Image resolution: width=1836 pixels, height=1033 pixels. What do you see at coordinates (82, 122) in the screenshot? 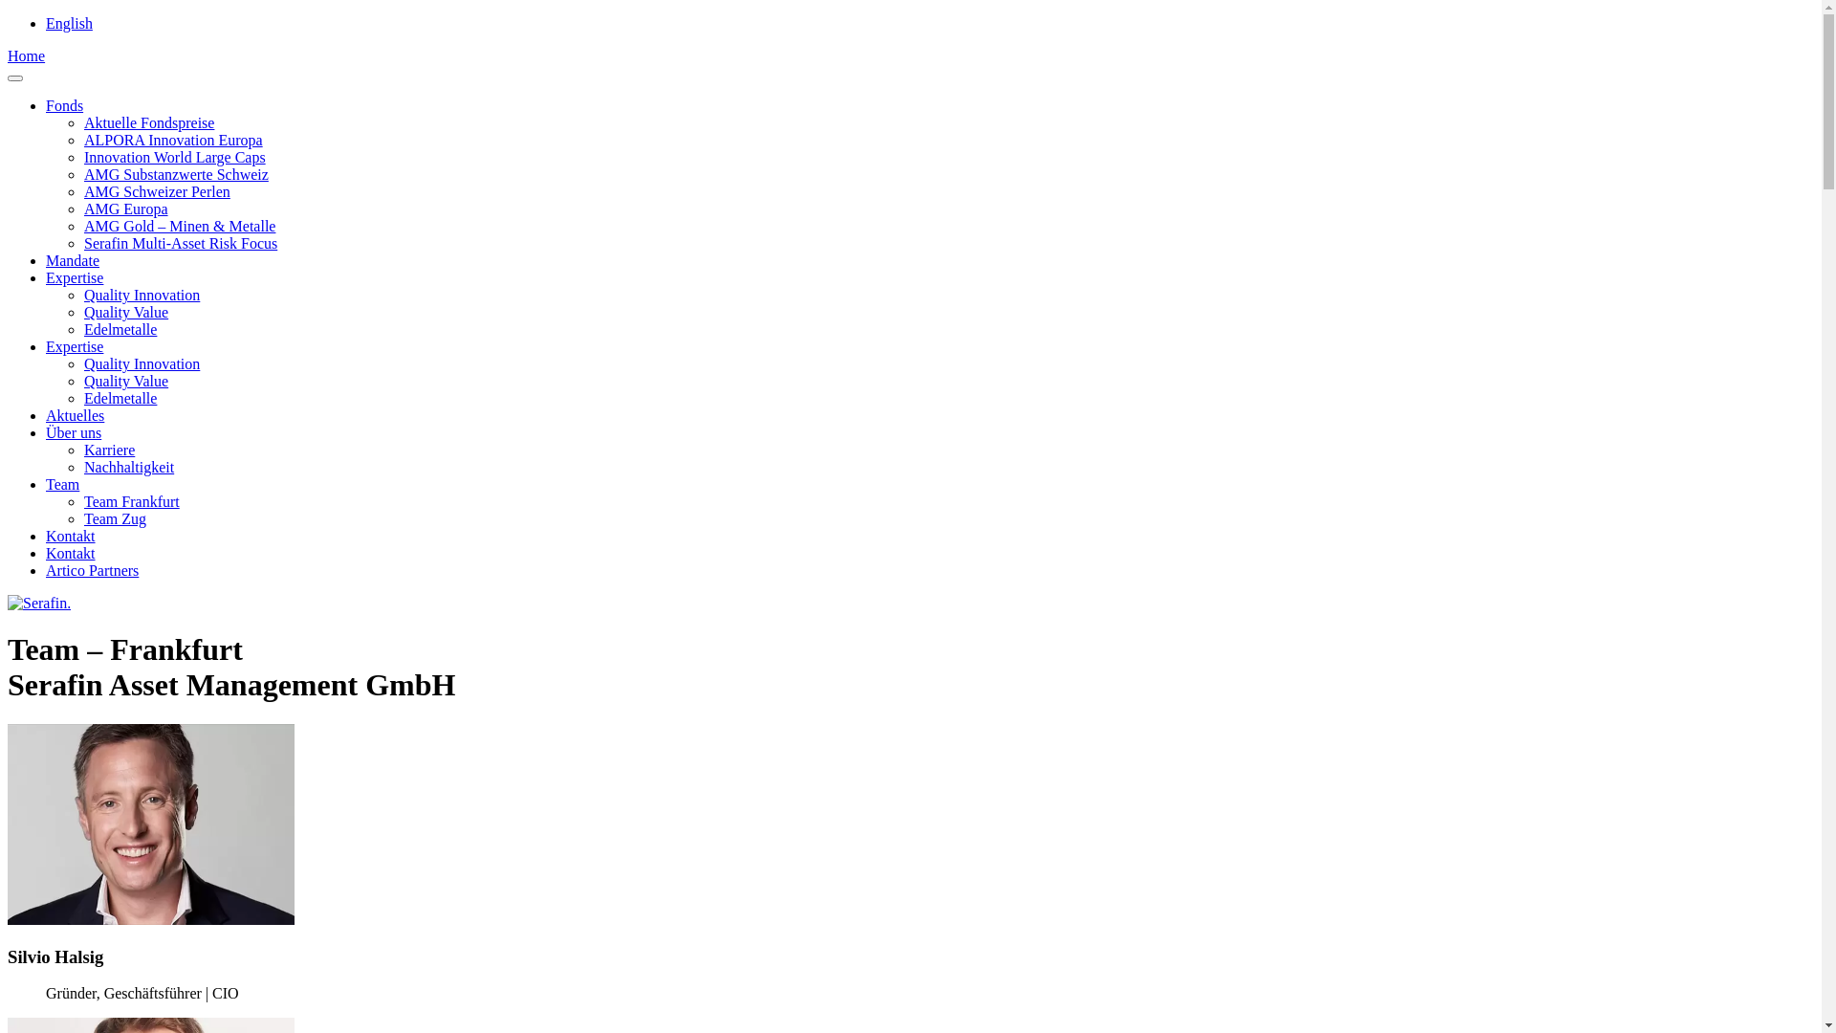
I see `'Aktuelle Fondspreise'` at bounding box center [82, 122].